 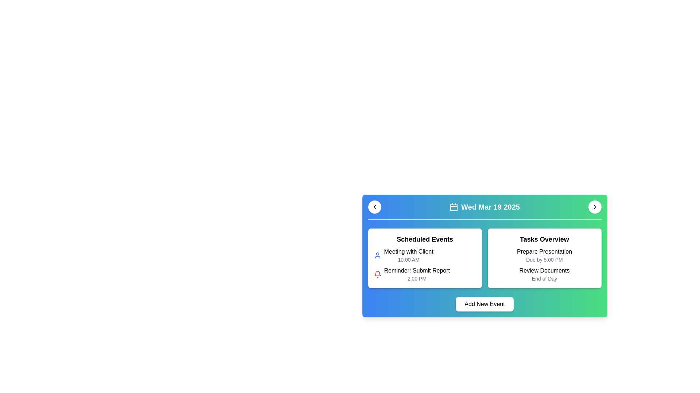 What do you see at coordinates (374, 207) in the screenshot?
I see `the navigation button icon located at the top-left corner of the card-like interface for accessibility navigation` at bounding box center [374, 207].